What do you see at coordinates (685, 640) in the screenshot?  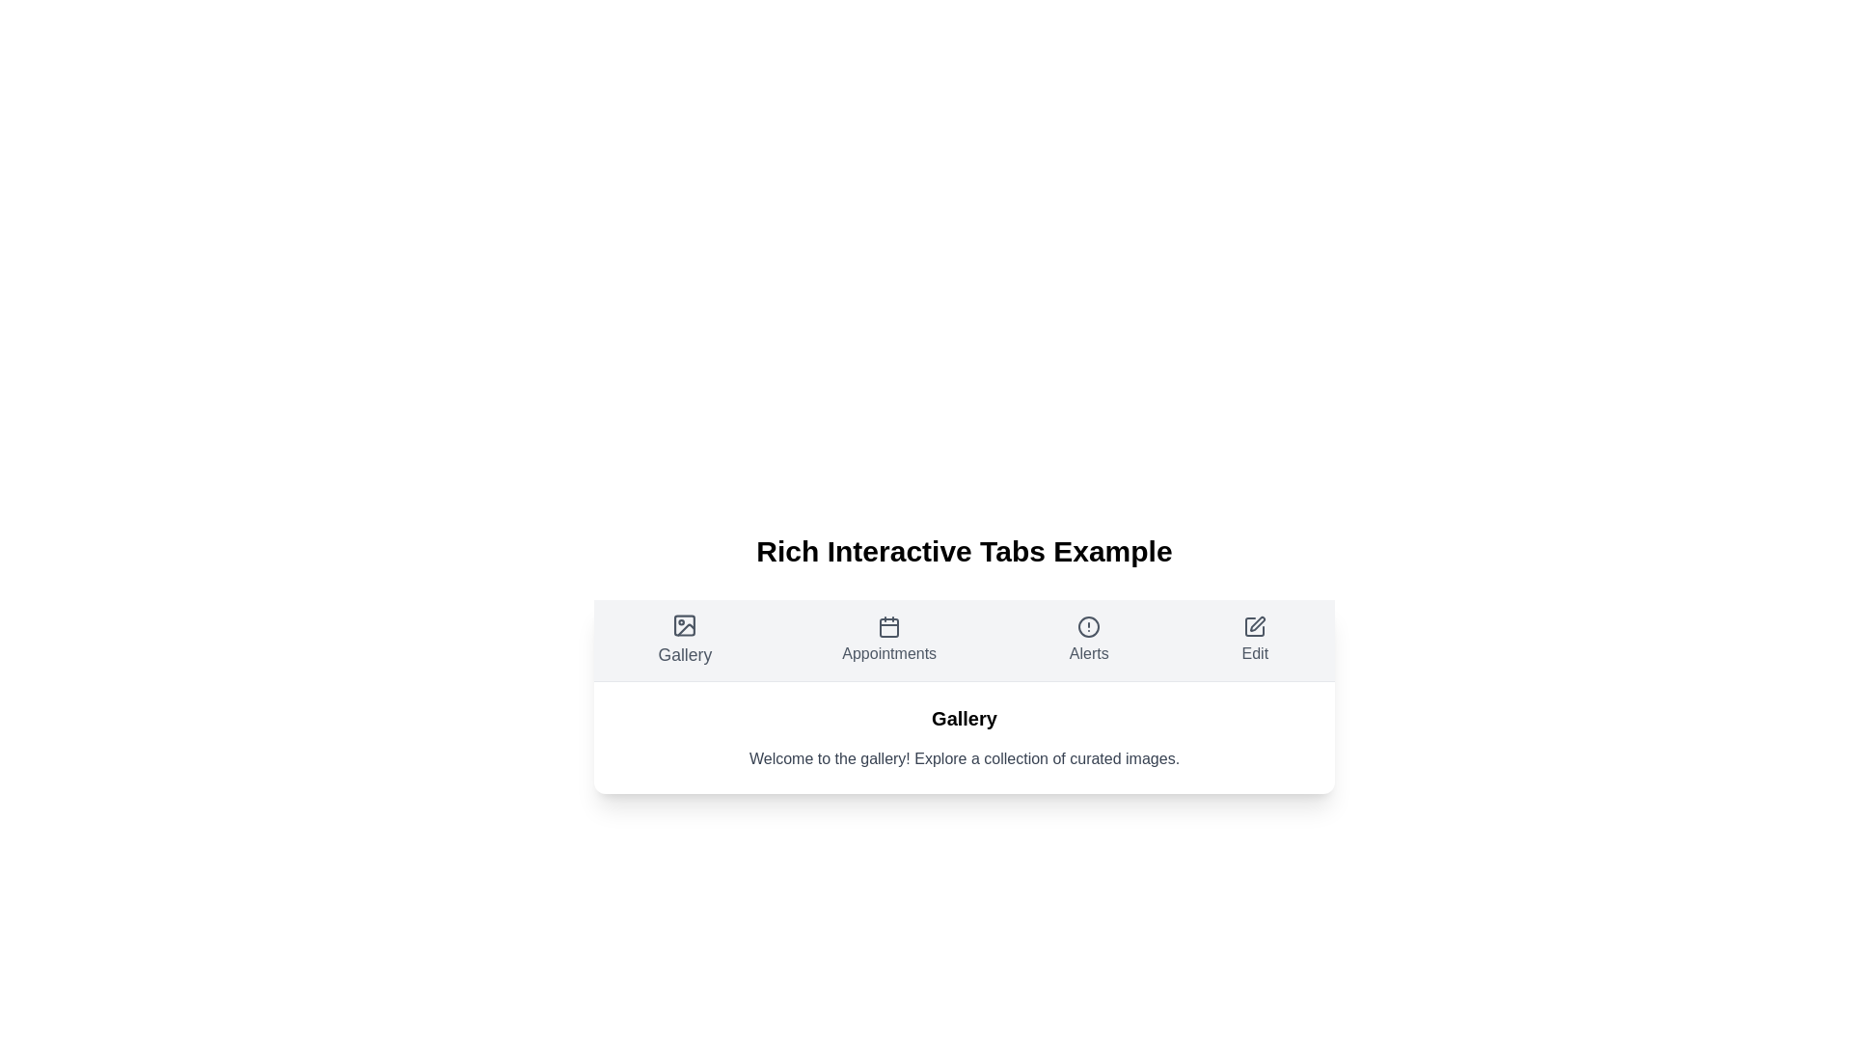 I see `the tab labeled Gallery` at bounding box center [685, 640].